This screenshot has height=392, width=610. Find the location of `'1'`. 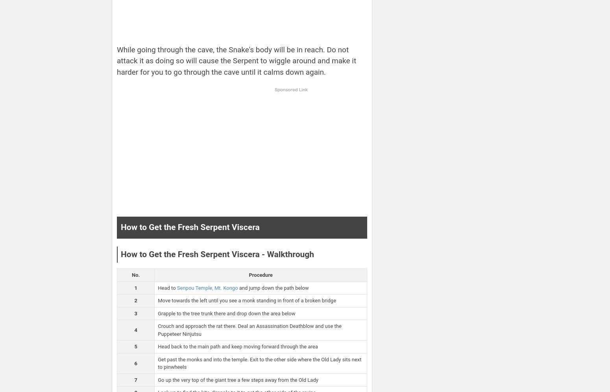

'1' is located at coordinates (134, 287).